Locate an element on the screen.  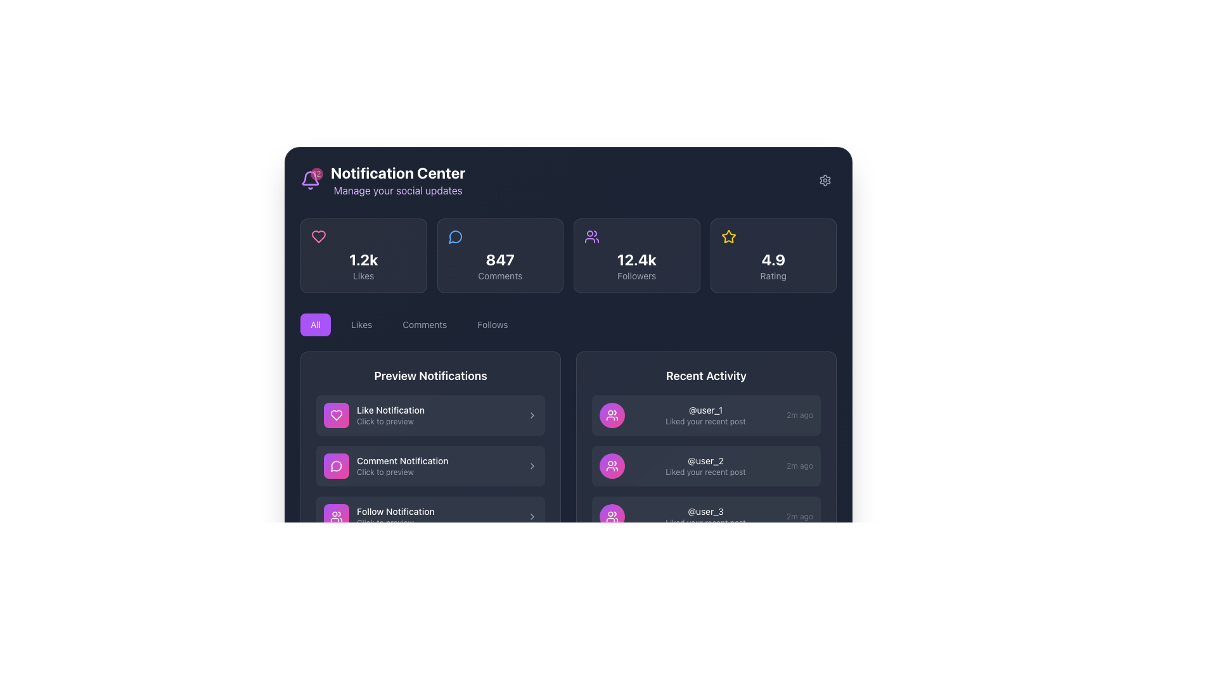
the first Interactive notification card in the 'Preview Notifications' section to preview the 'Like Notification' details is located at coordinates (430, 415).